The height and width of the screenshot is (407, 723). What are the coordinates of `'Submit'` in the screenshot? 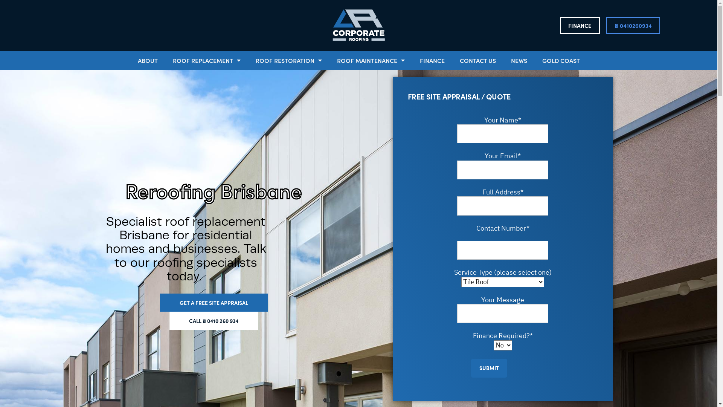 It's located at (489, 367).